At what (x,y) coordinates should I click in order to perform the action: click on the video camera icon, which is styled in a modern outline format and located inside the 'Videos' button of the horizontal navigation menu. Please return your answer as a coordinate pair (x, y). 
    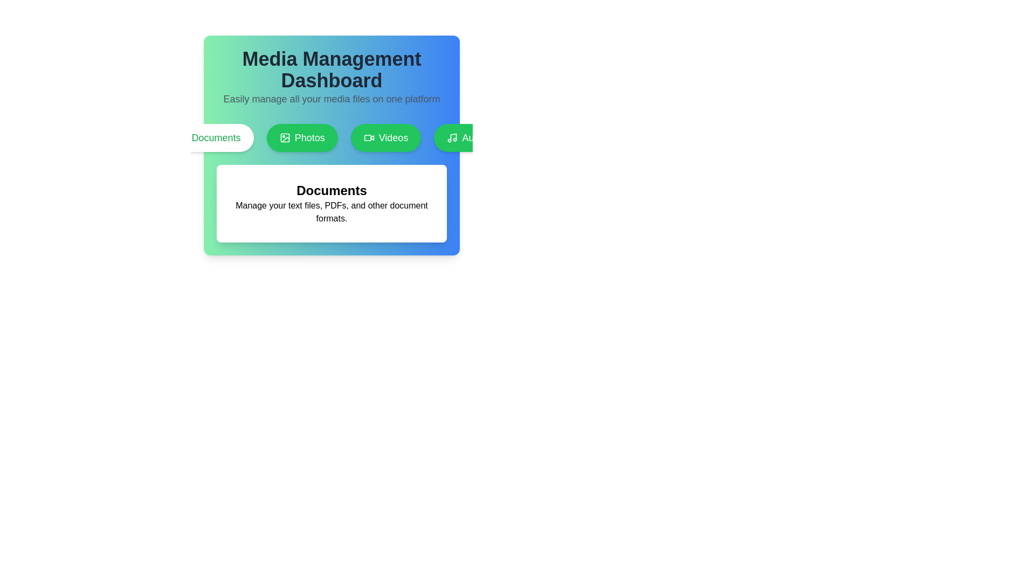
    Looking at the image, I should click on (369, 137).